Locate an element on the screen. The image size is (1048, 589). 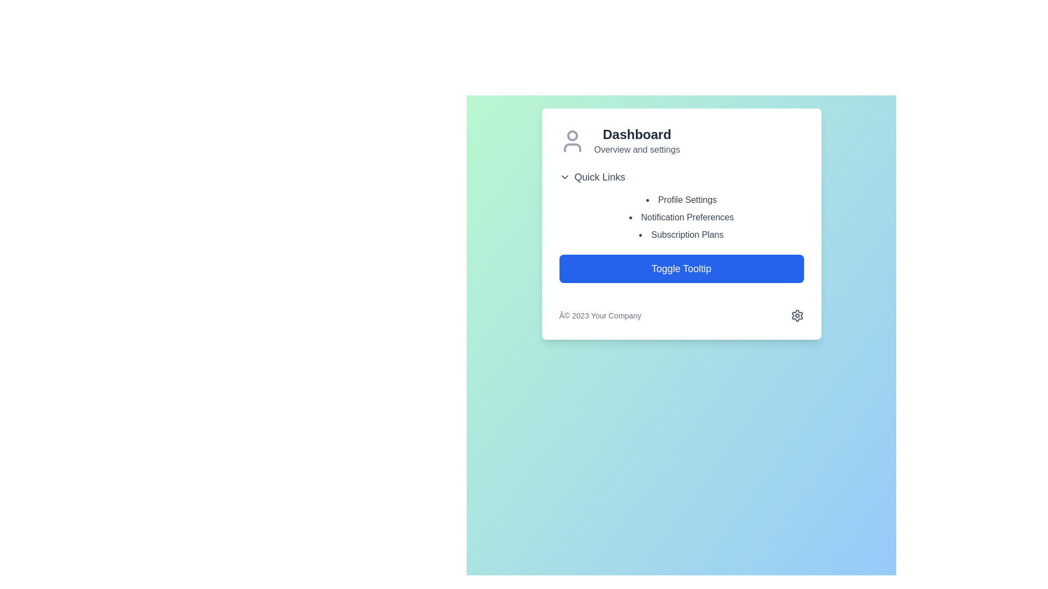
the blue rectangular button labeled 'Toggle Tooltip' to observe its visual hover effect is located at coordinates (681, 269).